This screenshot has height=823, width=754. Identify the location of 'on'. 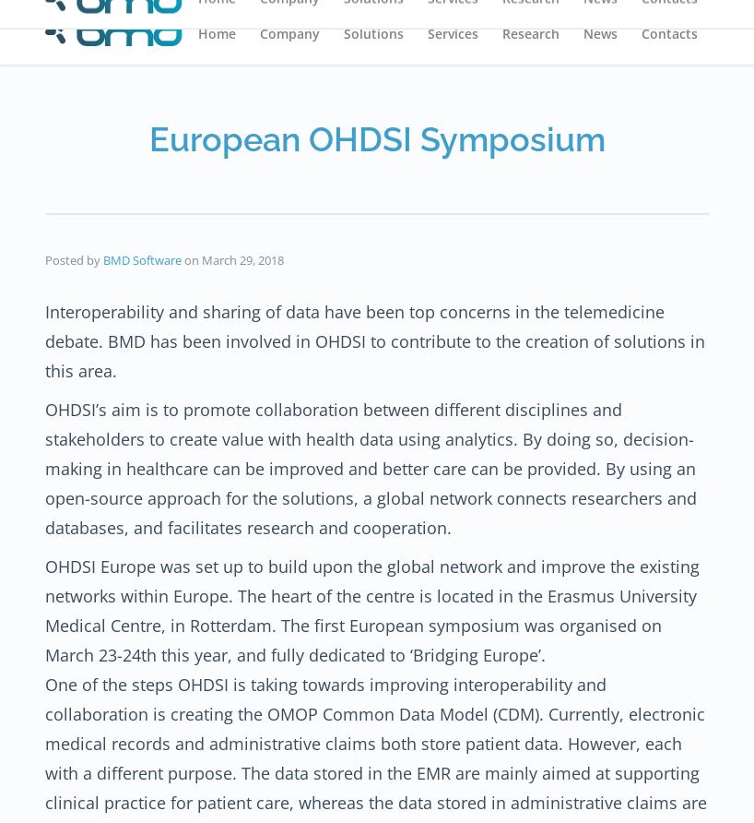
(193, 259).